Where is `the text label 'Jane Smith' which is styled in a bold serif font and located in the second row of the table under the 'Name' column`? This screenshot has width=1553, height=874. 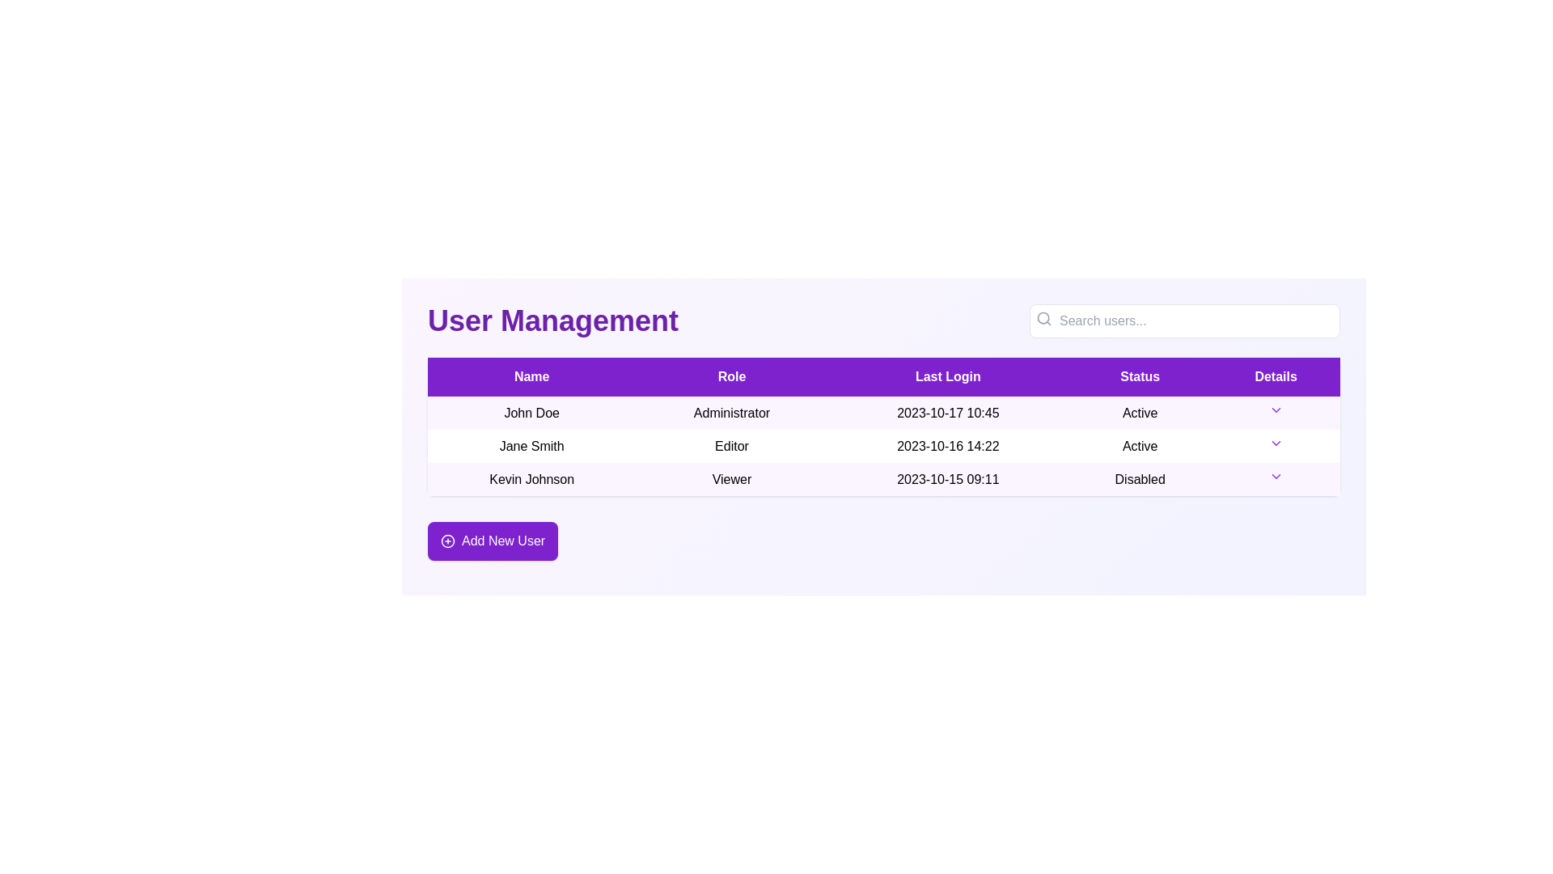
the text label 'Jane Smith' which is styled in a bold serif font and located in the second row of the table under the 'Name' column is located at coordinates (531, 446).